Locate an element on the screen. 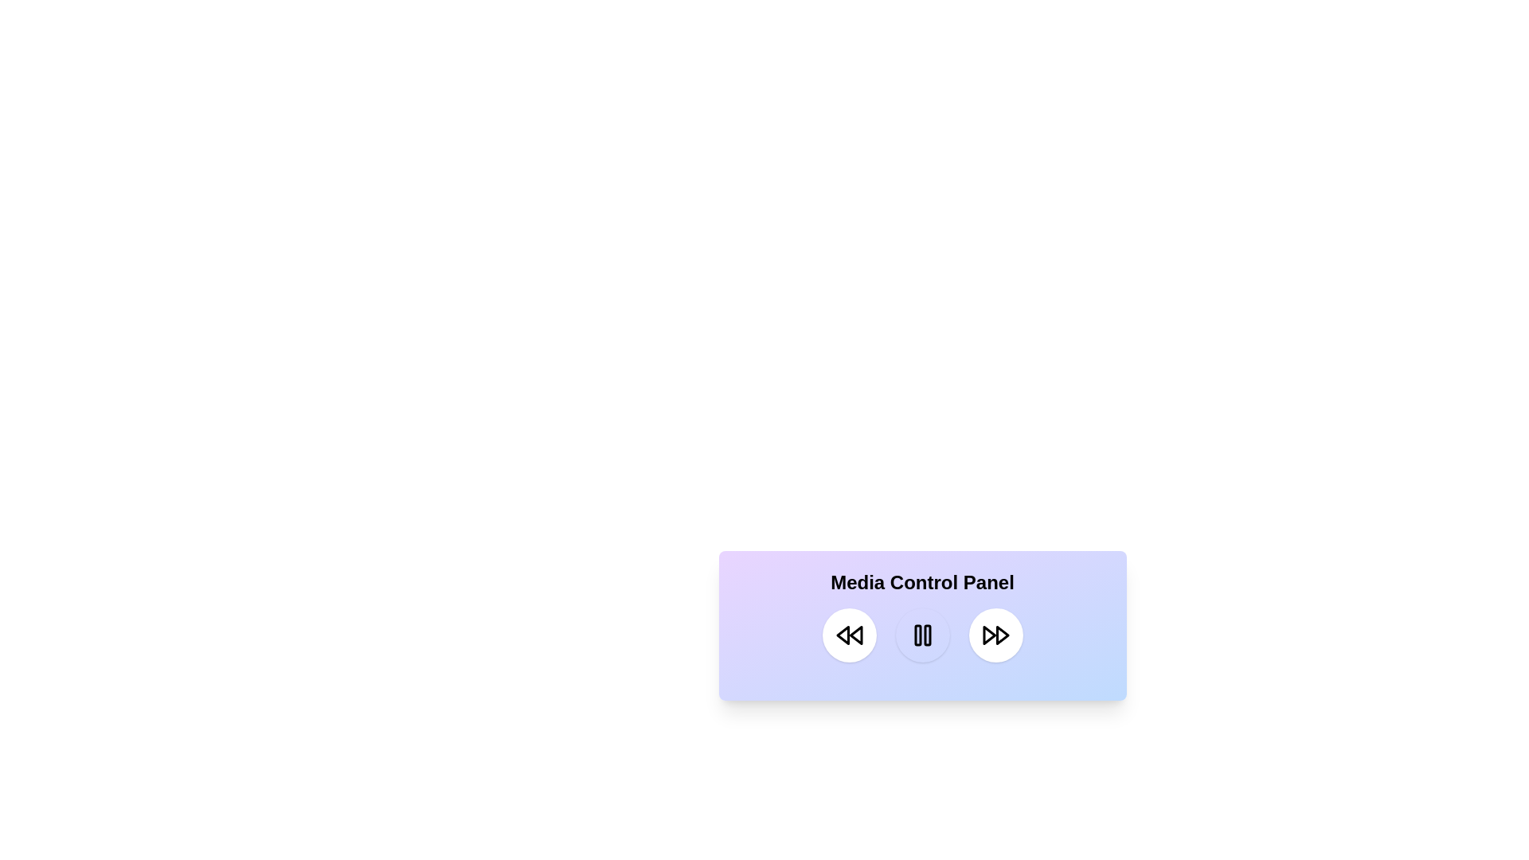 Image resolution: width=1529 pixels, height=860 pixels. the leftward-pointing triangular icon filled with black color, which is part of the media control icons at the bottom center of the interface is located at coordinates (854, 635).